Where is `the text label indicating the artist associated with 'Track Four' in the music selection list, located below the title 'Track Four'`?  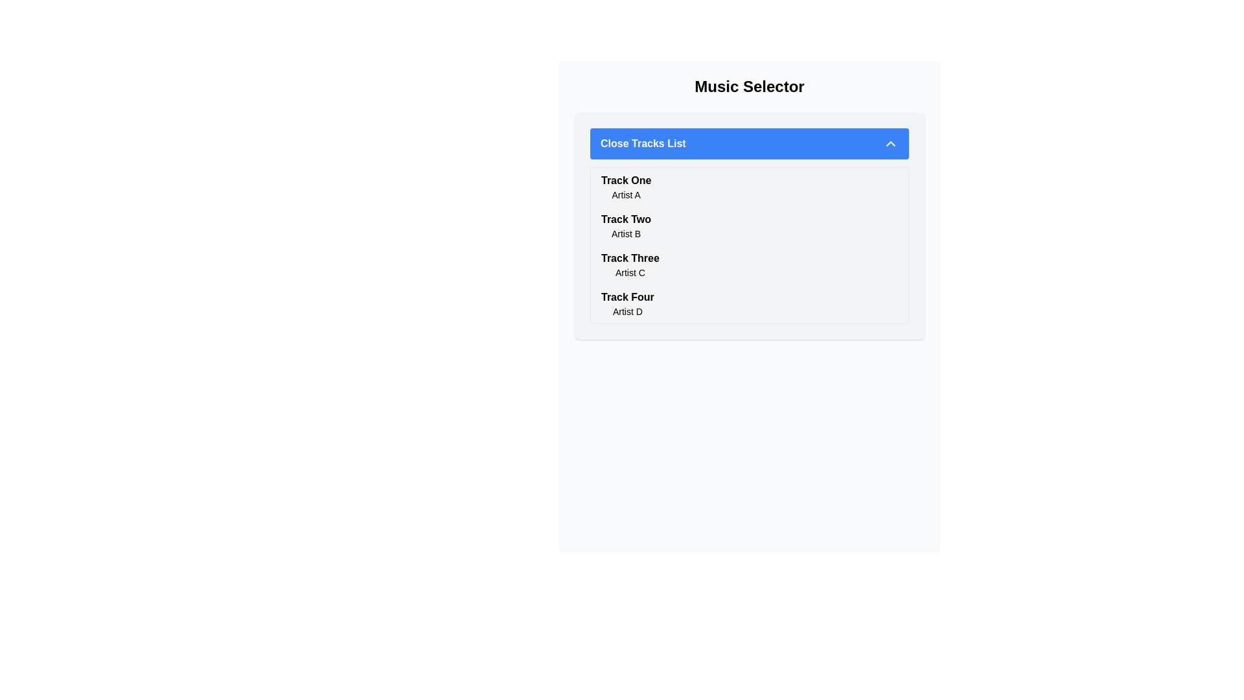 the text label indicating the artist associated with 'Track Four' in the music selection list, located below the title 'Track Four' is located at coordinates (627, 312).